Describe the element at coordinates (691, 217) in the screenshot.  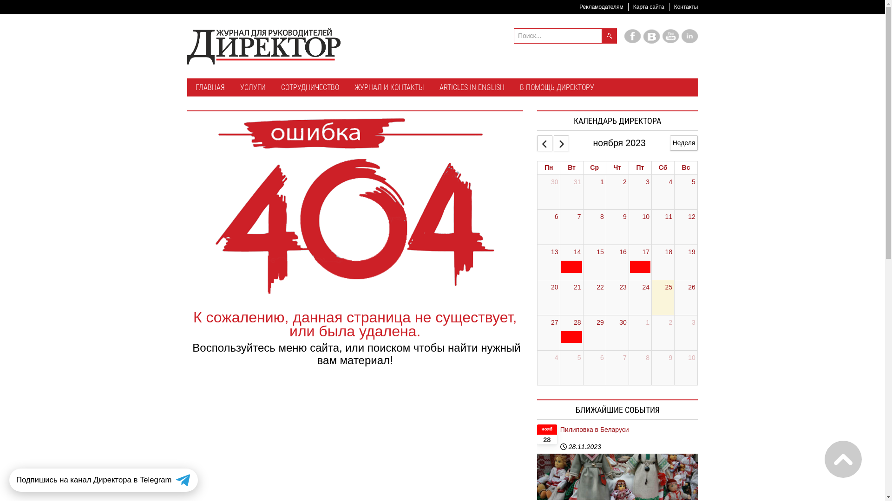
I see `'12'` at that location.